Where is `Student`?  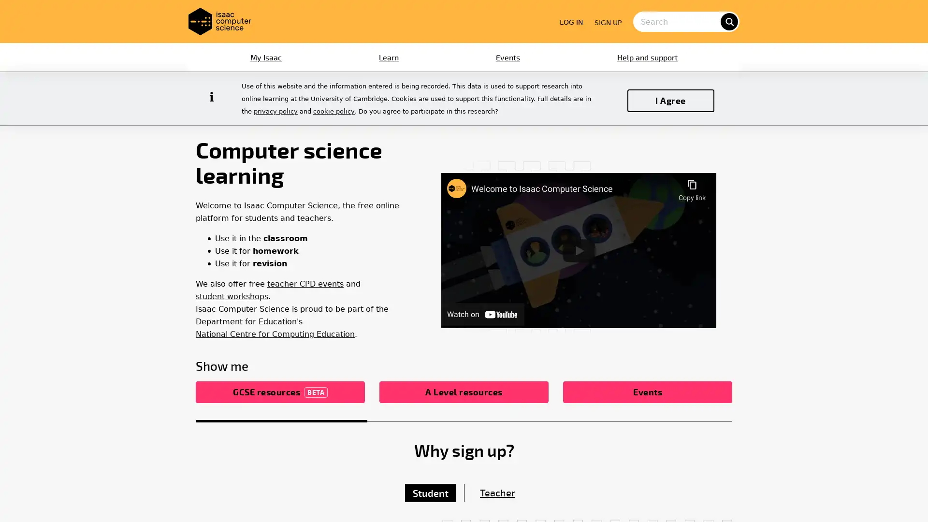 Student is located at coordinates (430, 492).